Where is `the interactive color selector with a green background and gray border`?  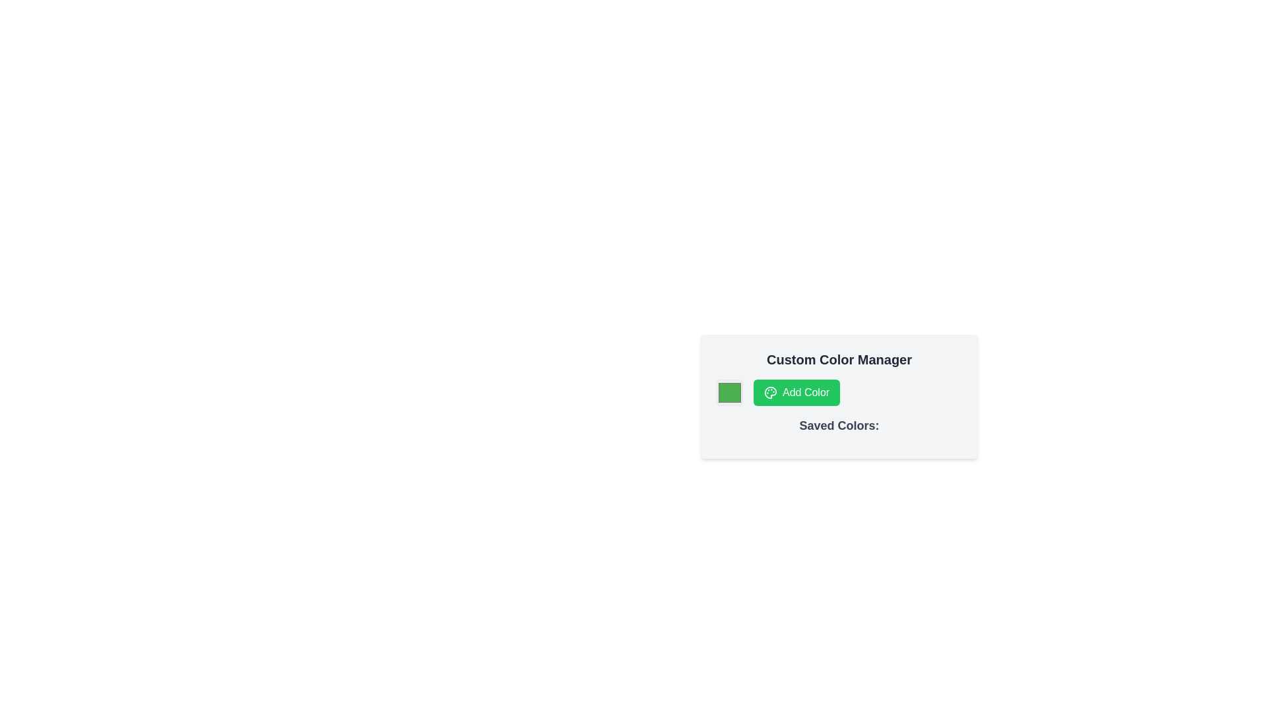 the interactive color selector with a green background and gray border is located at coordinates (729, 391).